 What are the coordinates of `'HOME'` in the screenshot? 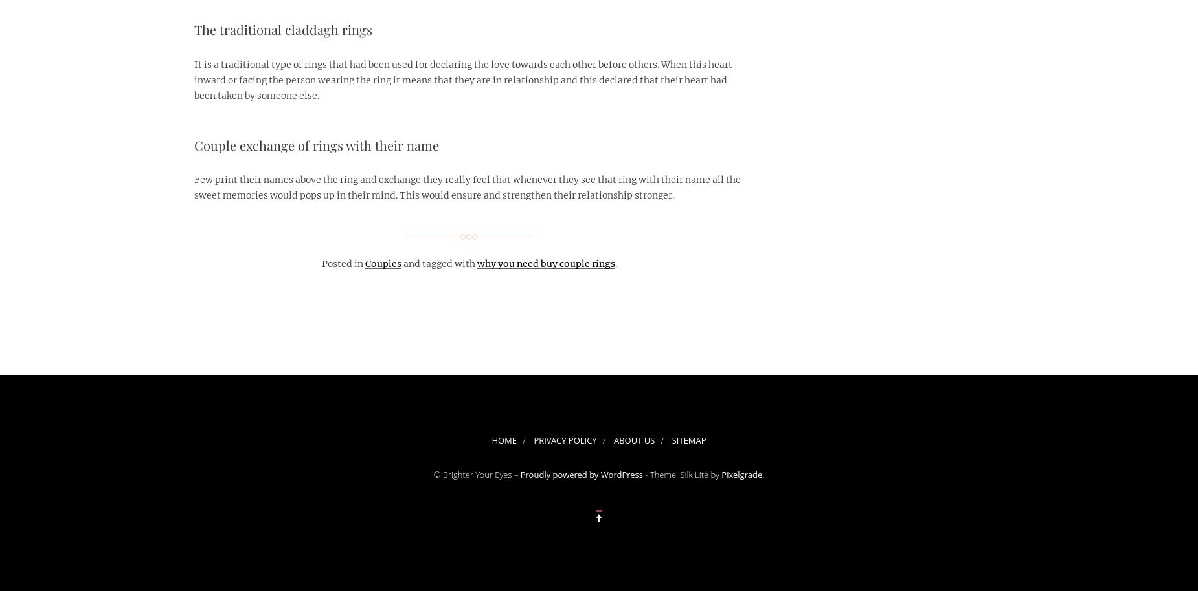 It's located at (492, 440).